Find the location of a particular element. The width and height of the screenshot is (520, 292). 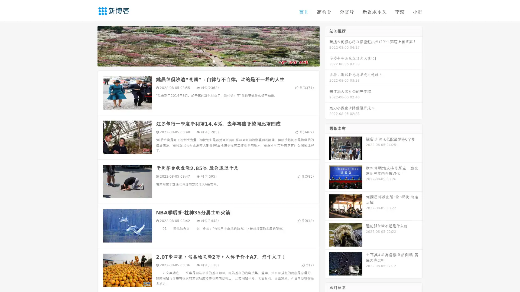

Go to slide 1 is located at coordinates (203, 61).